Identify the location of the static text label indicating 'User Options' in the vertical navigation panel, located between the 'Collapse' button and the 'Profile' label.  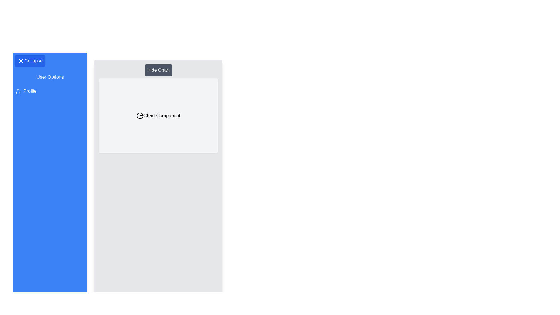
(50, 77).